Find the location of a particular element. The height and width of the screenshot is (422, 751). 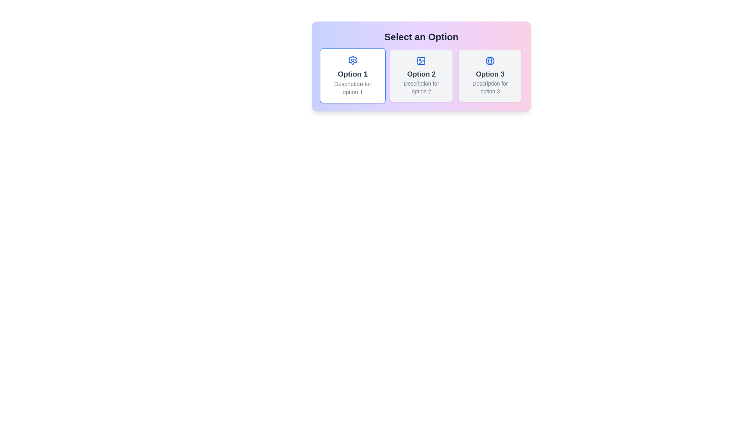

the visual icon above the text 'Option 2' within the second selection card to enhance its recognizability is located at coordinates (421, 60).